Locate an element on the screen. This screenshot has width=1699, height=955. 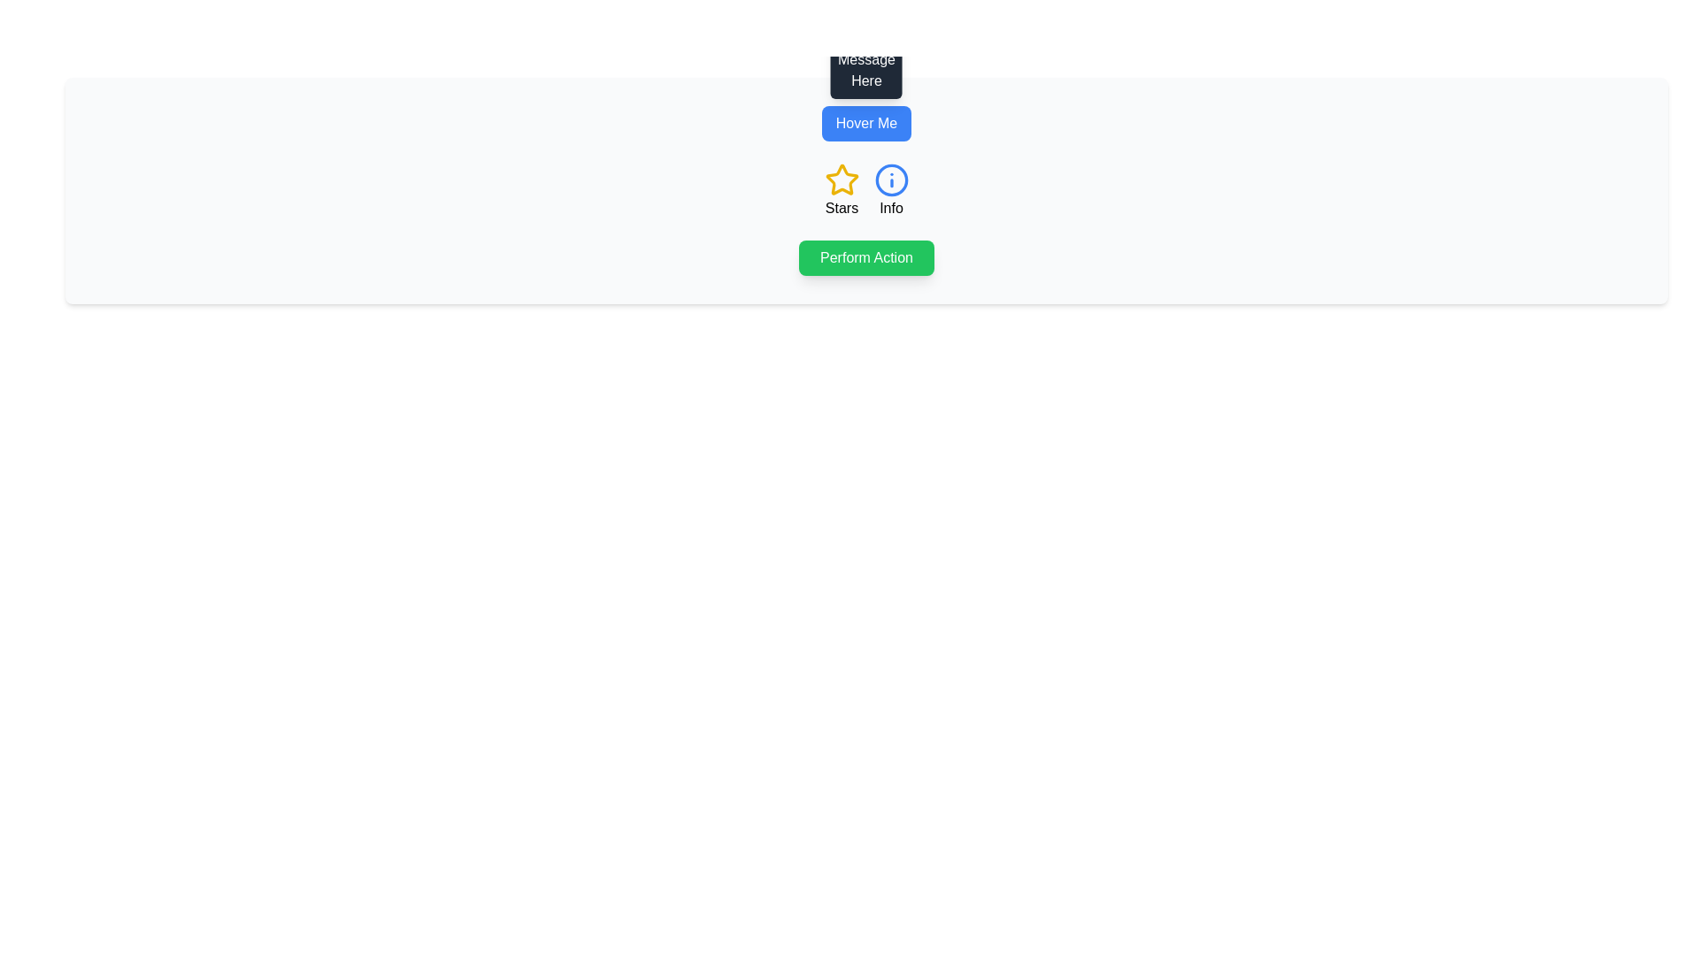
contents of the tooltip displaying 'Tooltip Message Here' which is a dark-gray rectangle positioned directly above the 'Hover Me' button is located at coordinates (866, 59).